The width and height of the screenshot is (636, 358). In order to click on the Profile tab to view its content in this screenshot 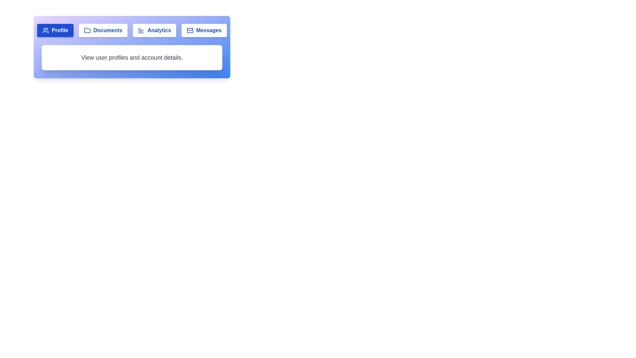, I will do `click(55, 30)`.